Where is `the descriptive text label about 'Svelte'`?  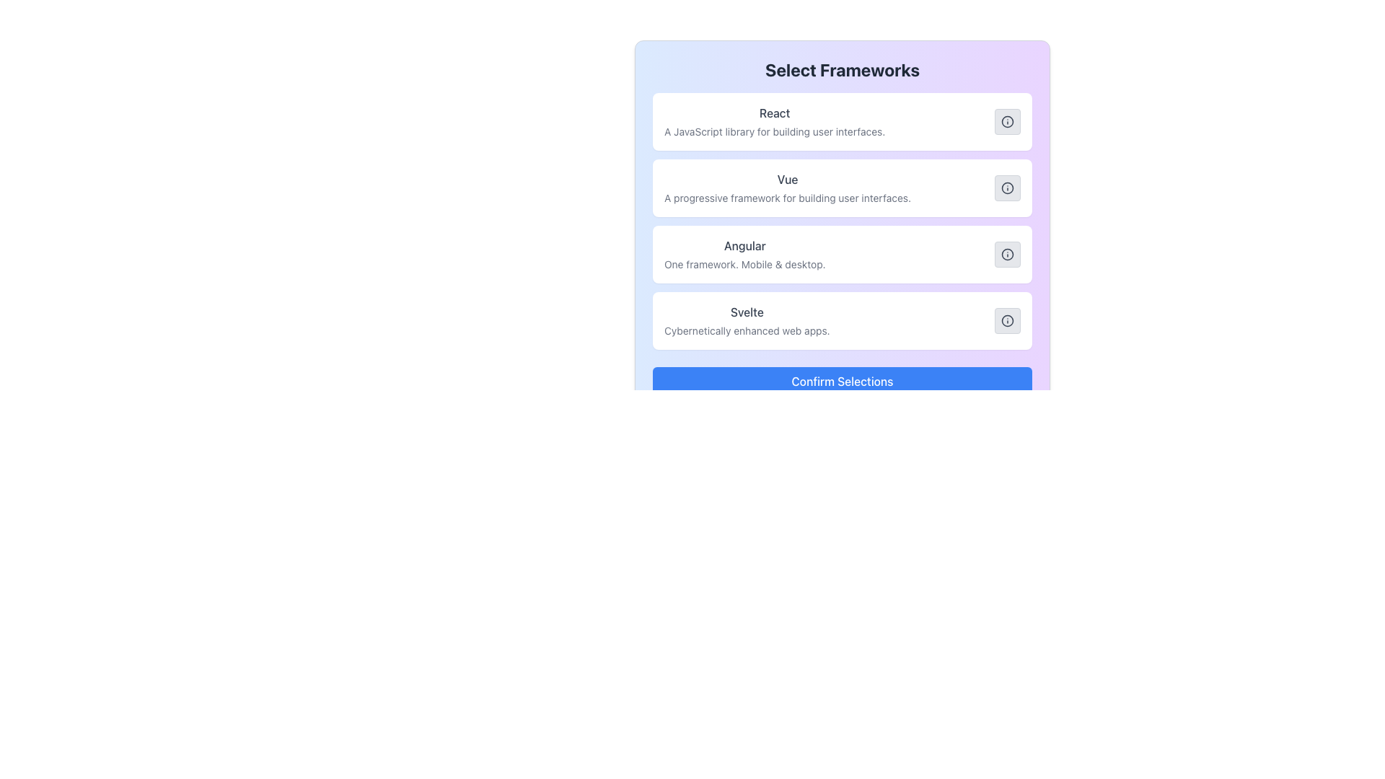 the descriptive text label about 'Svelte' is located at coordinates (747, 331).